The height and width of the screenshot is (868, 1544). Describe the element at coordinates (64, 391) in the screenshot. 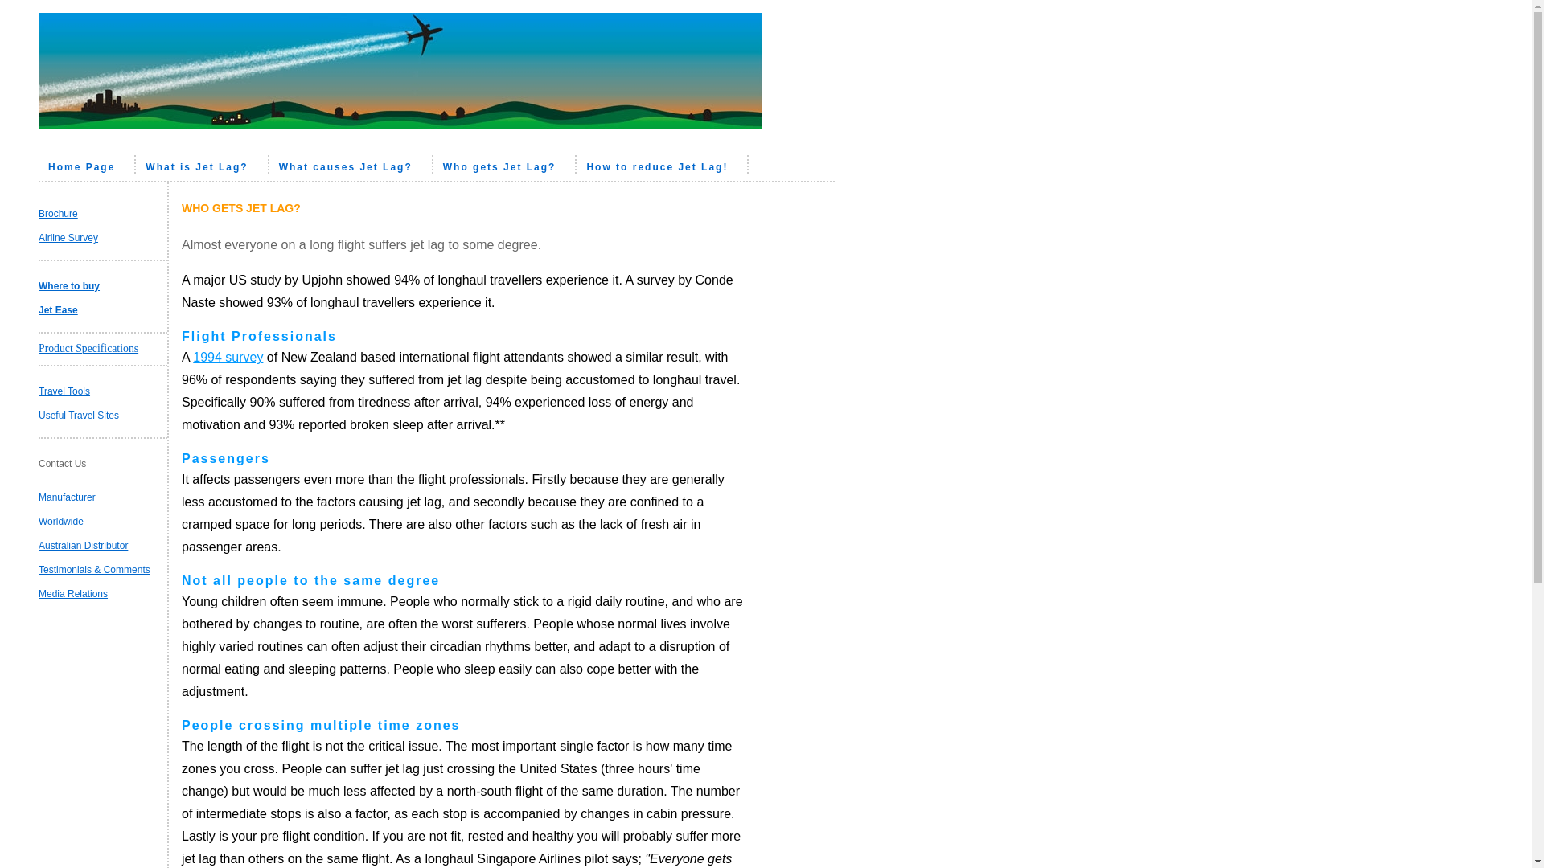

I see `'Travel Tools'` at that location.